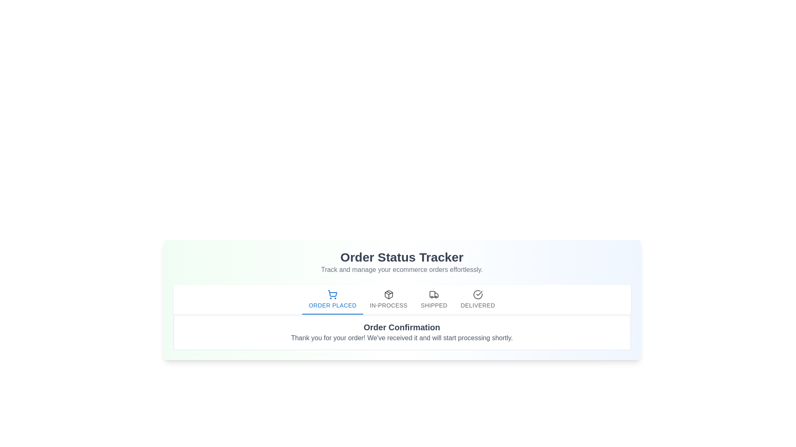  Describe the element at coordinates (478, 294) in the screenshot. I see `the 'Delivered' status icon located in the 'Delivered' tab of the 'Order Status Tracker' interface, which visually indicates successful delivery with a checkmark icon` at that location.